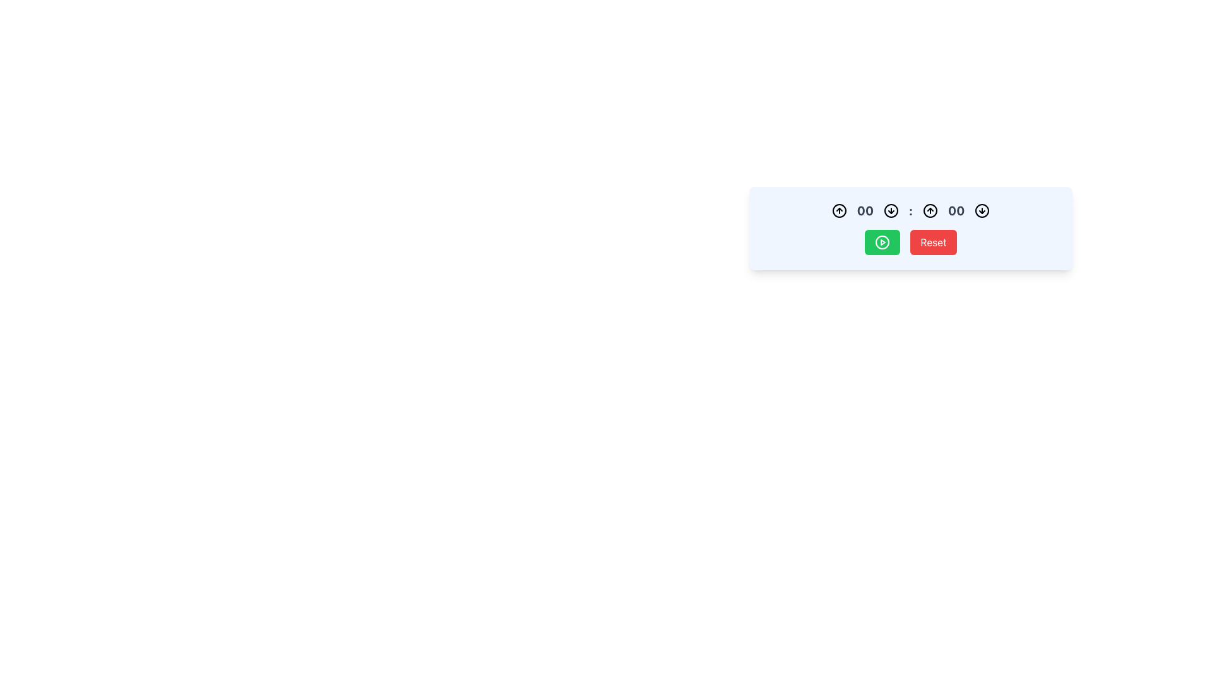  What do you see at coordinates (982, 210) in the screenshot?
I see `the circular icon button with a down arrow located on the far right of the time adjustment controls` at bounding box center [982, 210].